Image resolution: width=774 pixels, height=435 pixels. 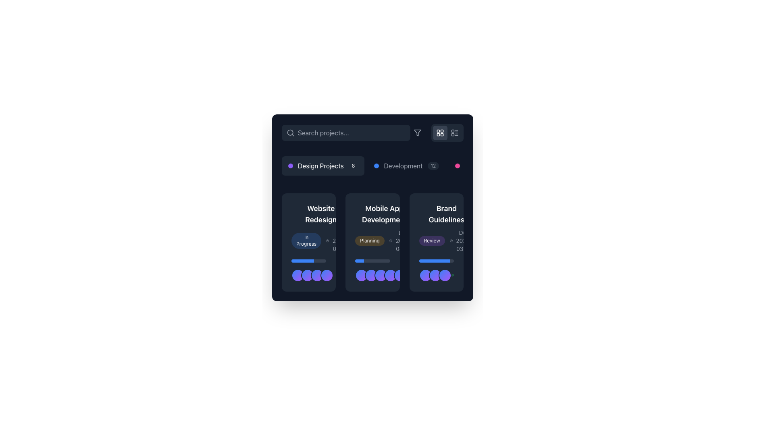 I want to click on the list icon in the horizontal cluster of toggle buttons to switch to list view, so click(x=447, y=133).